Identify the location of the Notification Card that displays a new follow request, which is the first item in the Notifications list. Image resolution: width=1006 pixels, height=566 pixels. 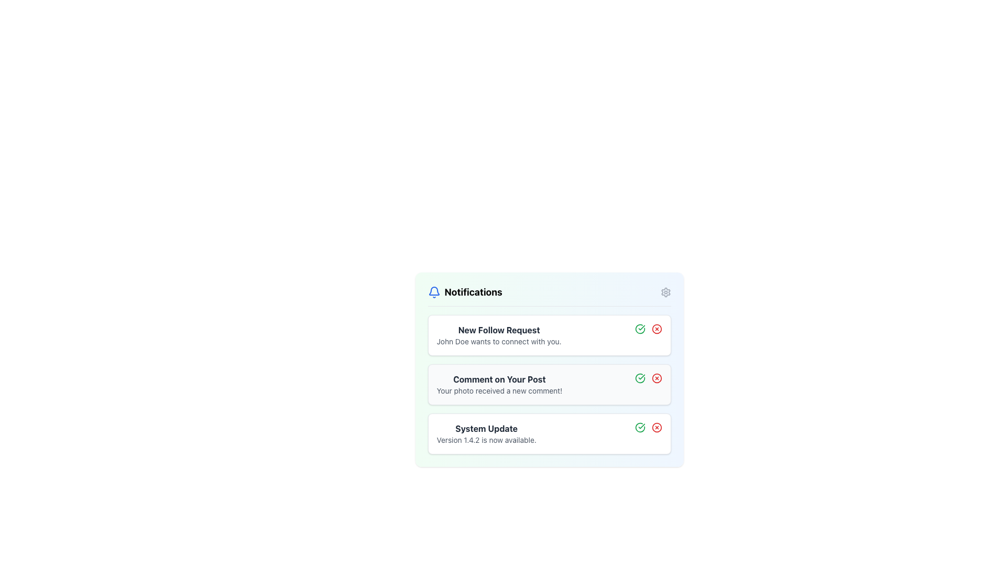
(549, 335).